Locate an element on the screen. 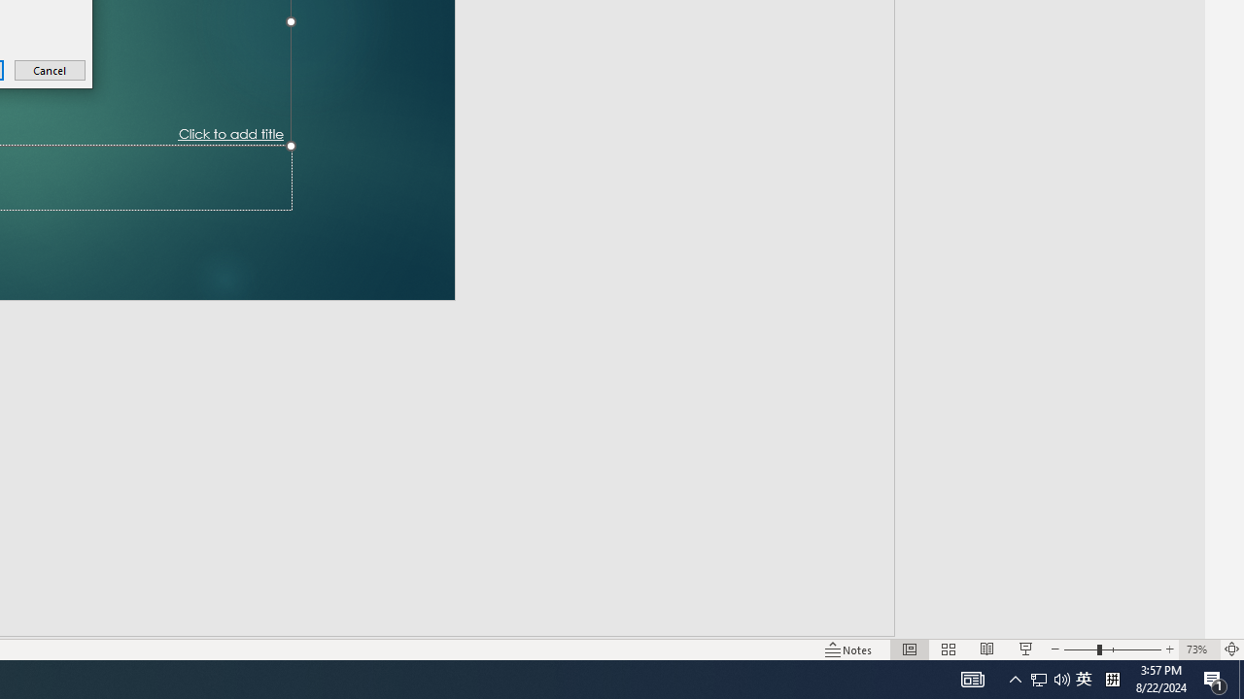 Image resolution: width=1244 pixels, height=699 pixels. 'Q2790: 100%' is located at coordinates (1112, 678).